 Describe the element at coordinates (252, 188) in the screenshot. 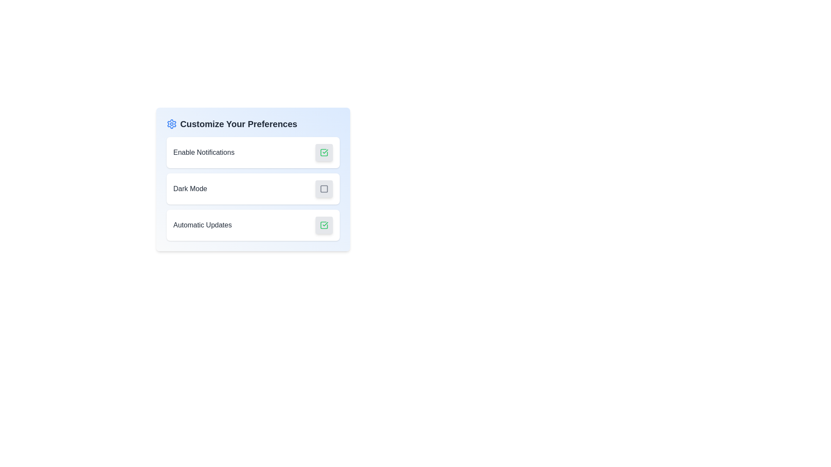

I see `the toggle button on the Toggle Button Card to change the dark mode setting, which is the second card in the vertical list located centrally within the application interface` at that location.